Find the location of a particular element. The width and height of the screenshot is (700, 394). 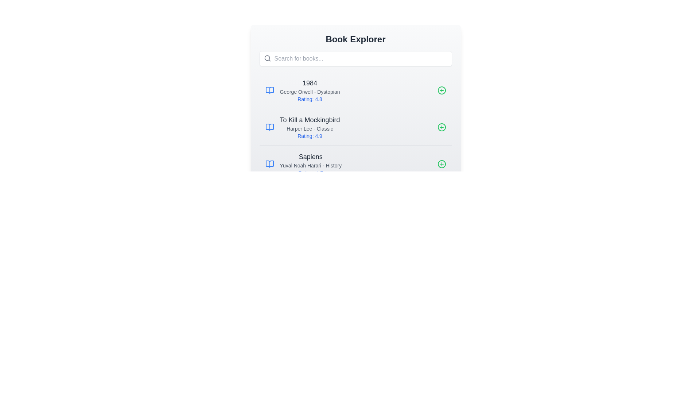

text label displaying 'Rating: 4.8' located below 'George Orwell - Dystopian' and above 'To Kill a Mockingbird' in the book description for '1984' is located at coordinates (310, 99).